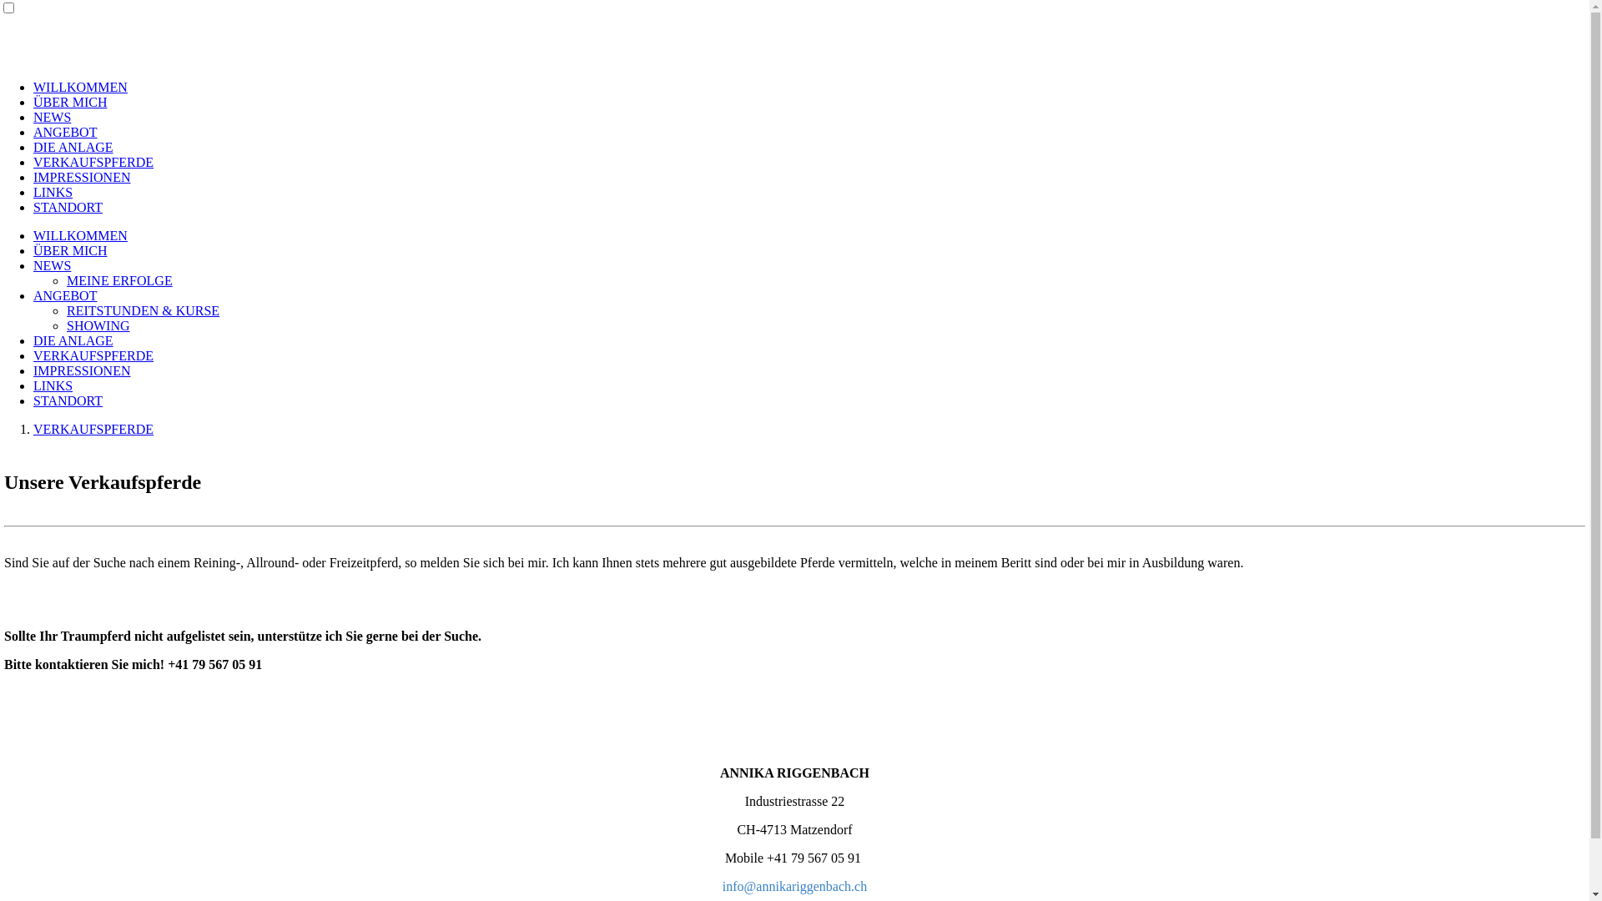  What do you see at coordinates (793, 885) in the screenshot?
I see `'info@annikariggenbach.ch'` at bounding box center [793, 885].